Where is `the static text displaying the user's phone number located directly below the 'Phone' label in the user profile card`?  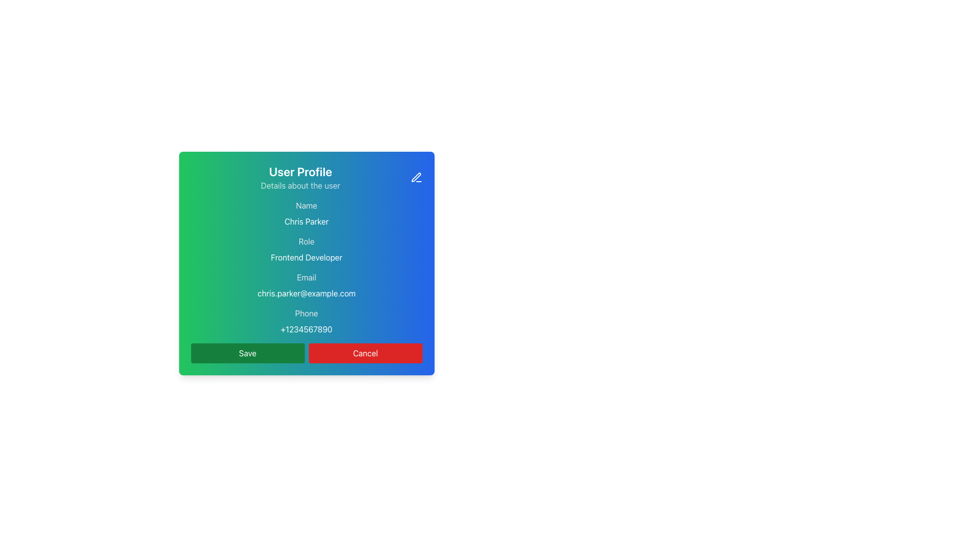
the static text displaying the user's phone number located directly below the 'Phone' label in the user profile card is located at coordinates (306, 329).